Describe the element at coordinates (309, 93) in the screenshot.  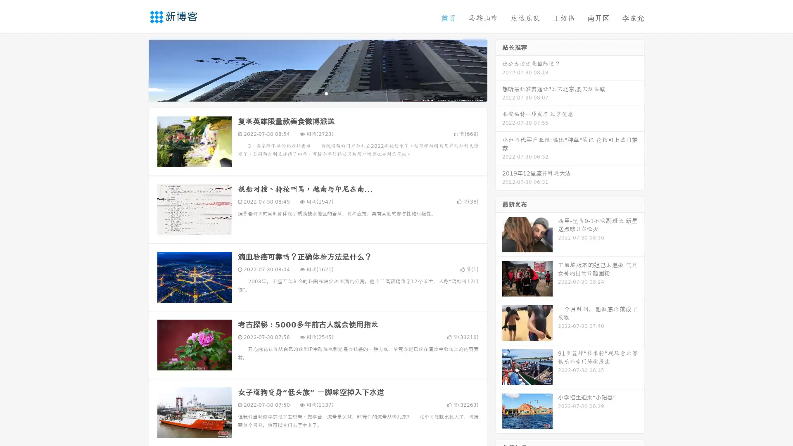
I see `Go to slide 1` at that location.